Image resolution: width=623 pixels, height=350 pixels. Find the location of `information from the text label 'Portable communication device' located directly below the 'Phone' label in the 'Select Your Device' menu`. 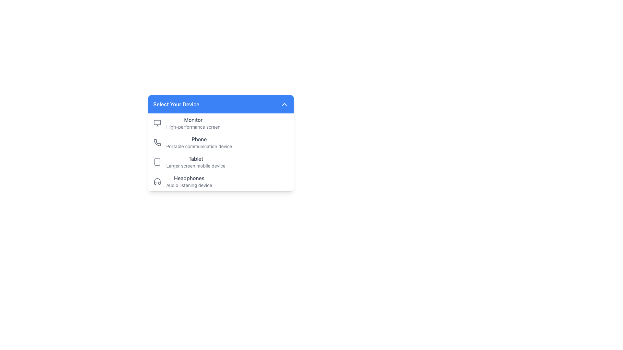

information from the text label 'Portable communication device' located directly below the 'Phone' label in the 'Select Your Device' menu is located at coordinates (199, 146).